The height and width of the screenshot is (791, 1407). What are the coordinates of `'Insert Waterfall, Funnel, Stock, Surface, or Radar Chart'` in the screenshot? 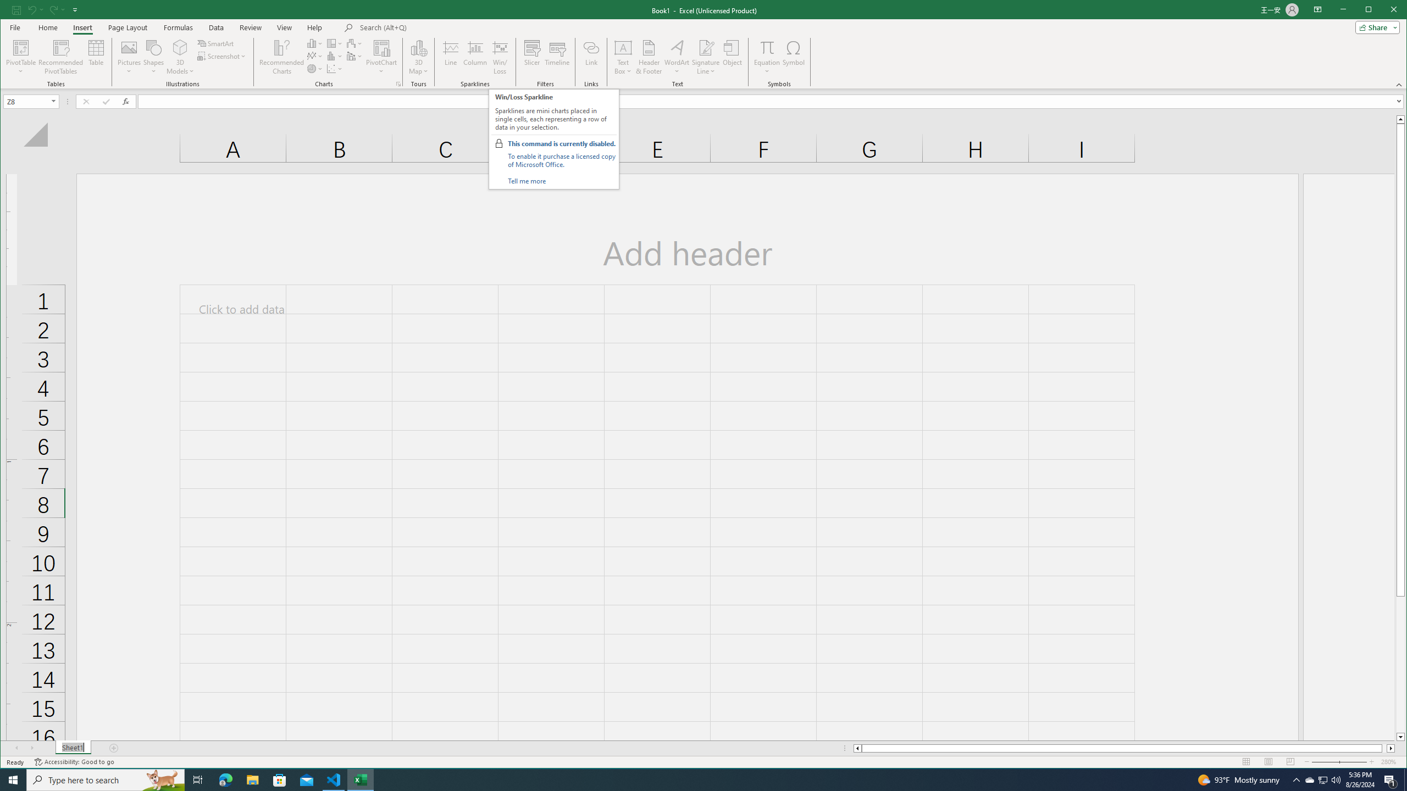 It's located at (354, 43).